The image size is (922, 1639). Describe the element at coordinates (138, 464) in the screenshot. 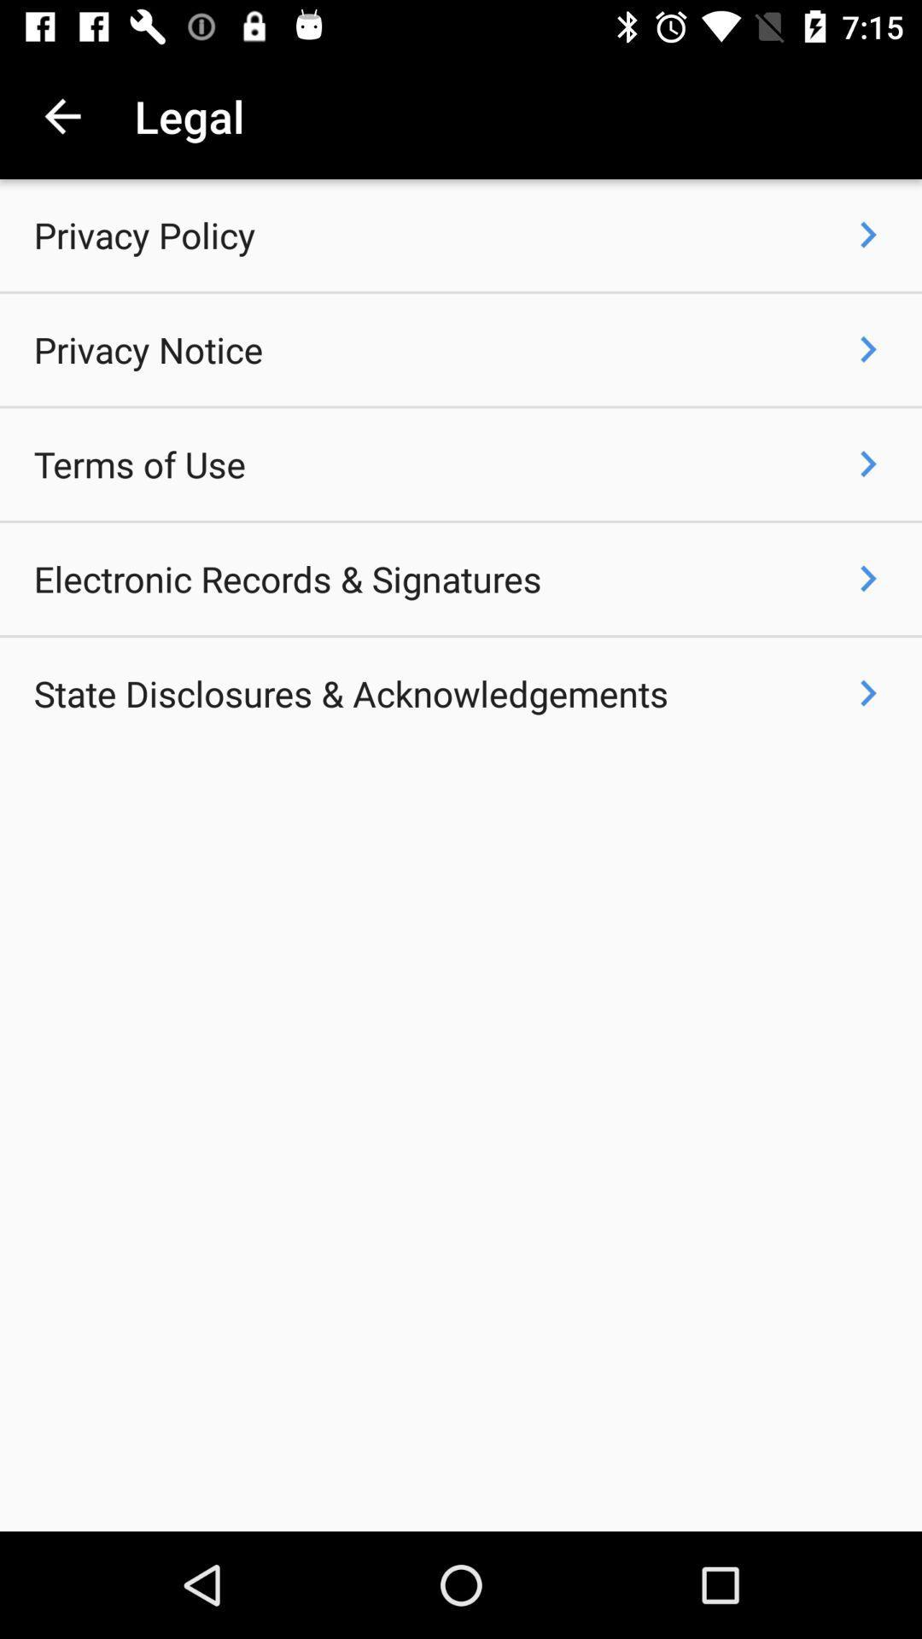

I see `the terms of use item` at that location.